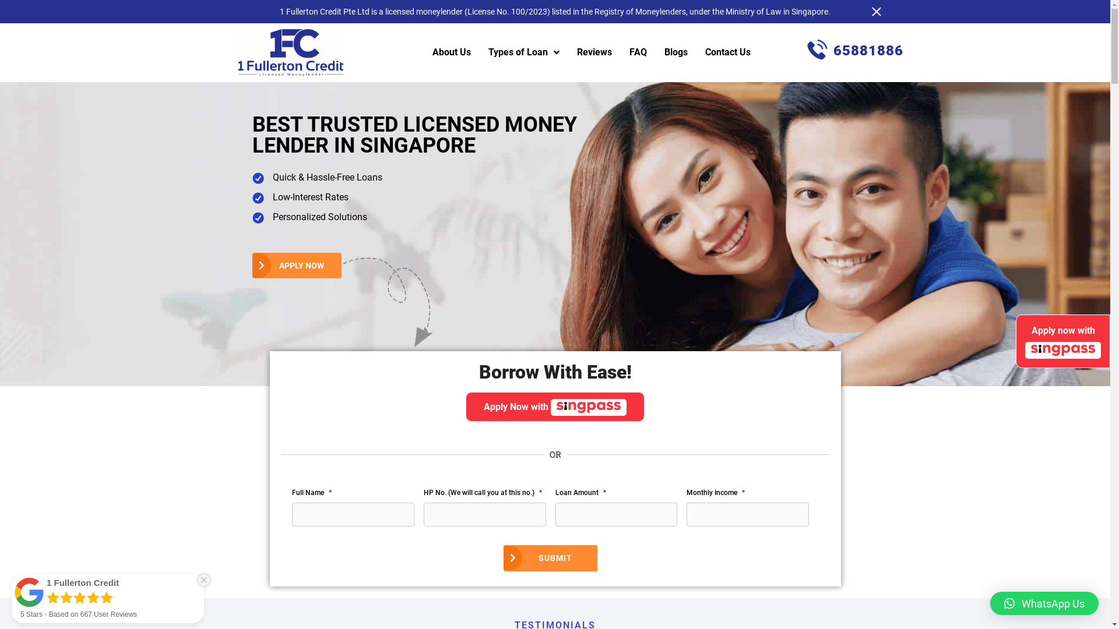 The image size is (1119, 629). Describe the element at coordinates (676, 51) in the screenshot. I see `'Blogs'` at that location.